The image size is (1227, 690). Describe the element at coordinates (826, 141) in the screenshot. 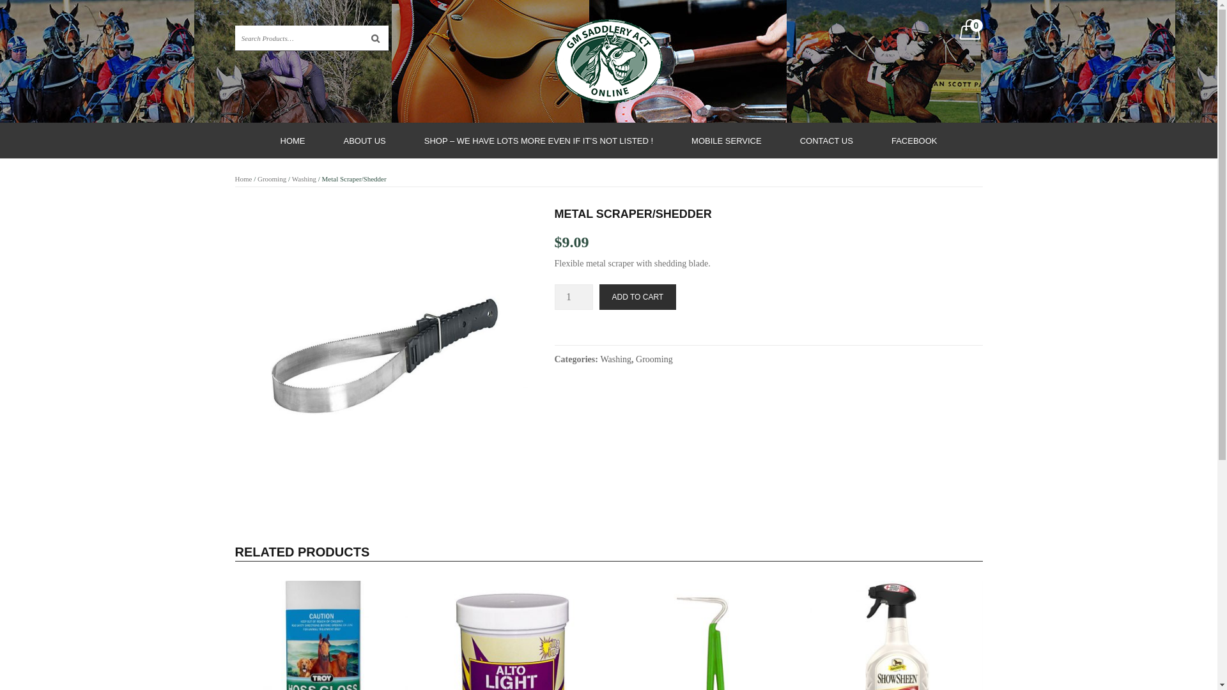

I see `'CONTACT US'` at that location.